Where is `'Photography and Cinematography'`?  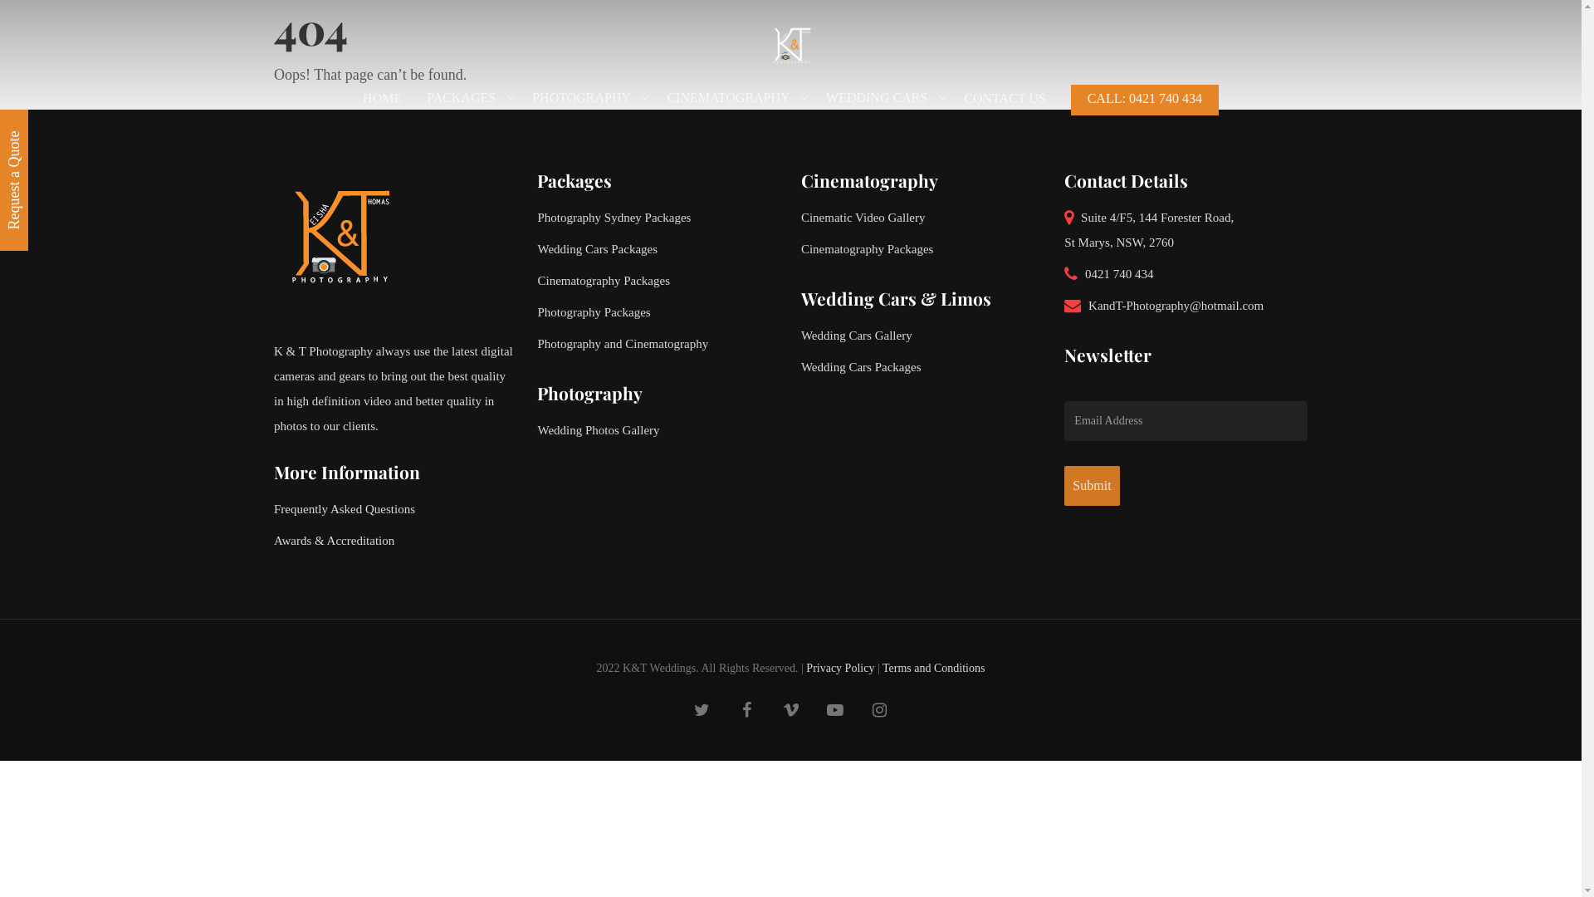
'Photography and Cinematography' is located at coordinates (658, 342).